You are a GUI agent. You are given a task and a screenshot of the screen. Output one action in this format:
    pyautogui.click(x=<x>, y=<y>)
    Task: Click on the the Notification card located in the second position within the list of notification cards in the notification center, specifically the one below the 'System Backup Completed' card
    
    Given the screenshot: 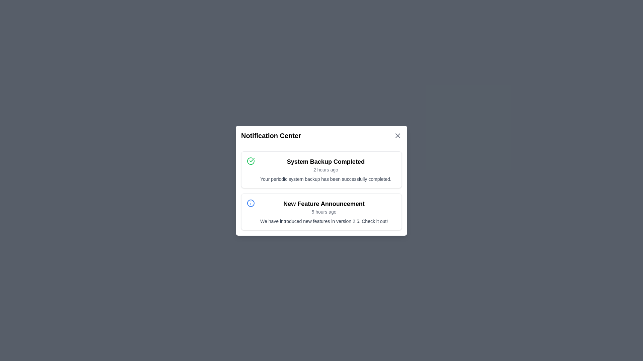 What is the action you would take?
    pyautogui.click(x=321, y=212)
    